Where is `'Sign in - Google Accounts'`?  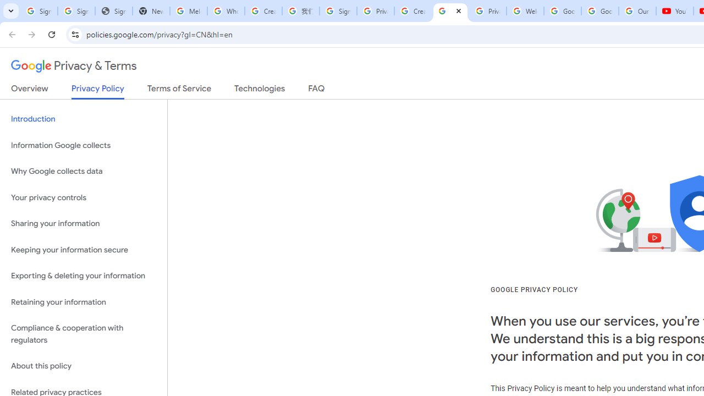 'Sign in - Google Accounts' is located at coordinates (338, 11).